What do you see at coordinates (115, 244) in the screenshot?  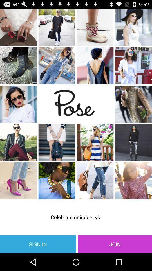 I see `the icon to the right of sign in` at bounding box center [115, 244].